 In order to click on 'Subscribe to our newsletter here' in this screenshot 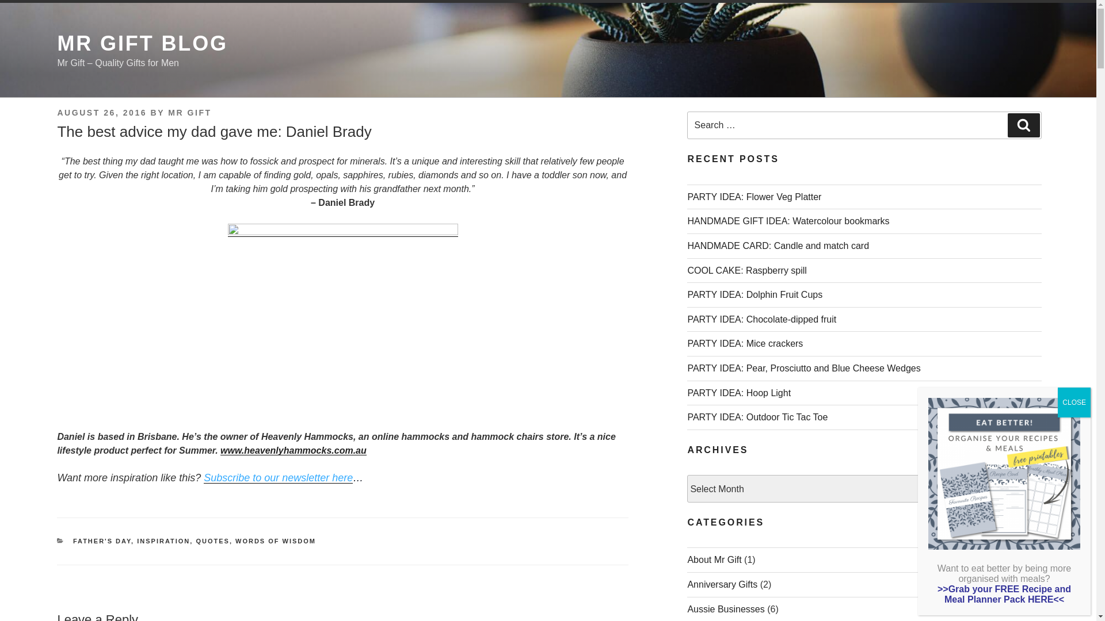, I will do `click(278, 477)`.